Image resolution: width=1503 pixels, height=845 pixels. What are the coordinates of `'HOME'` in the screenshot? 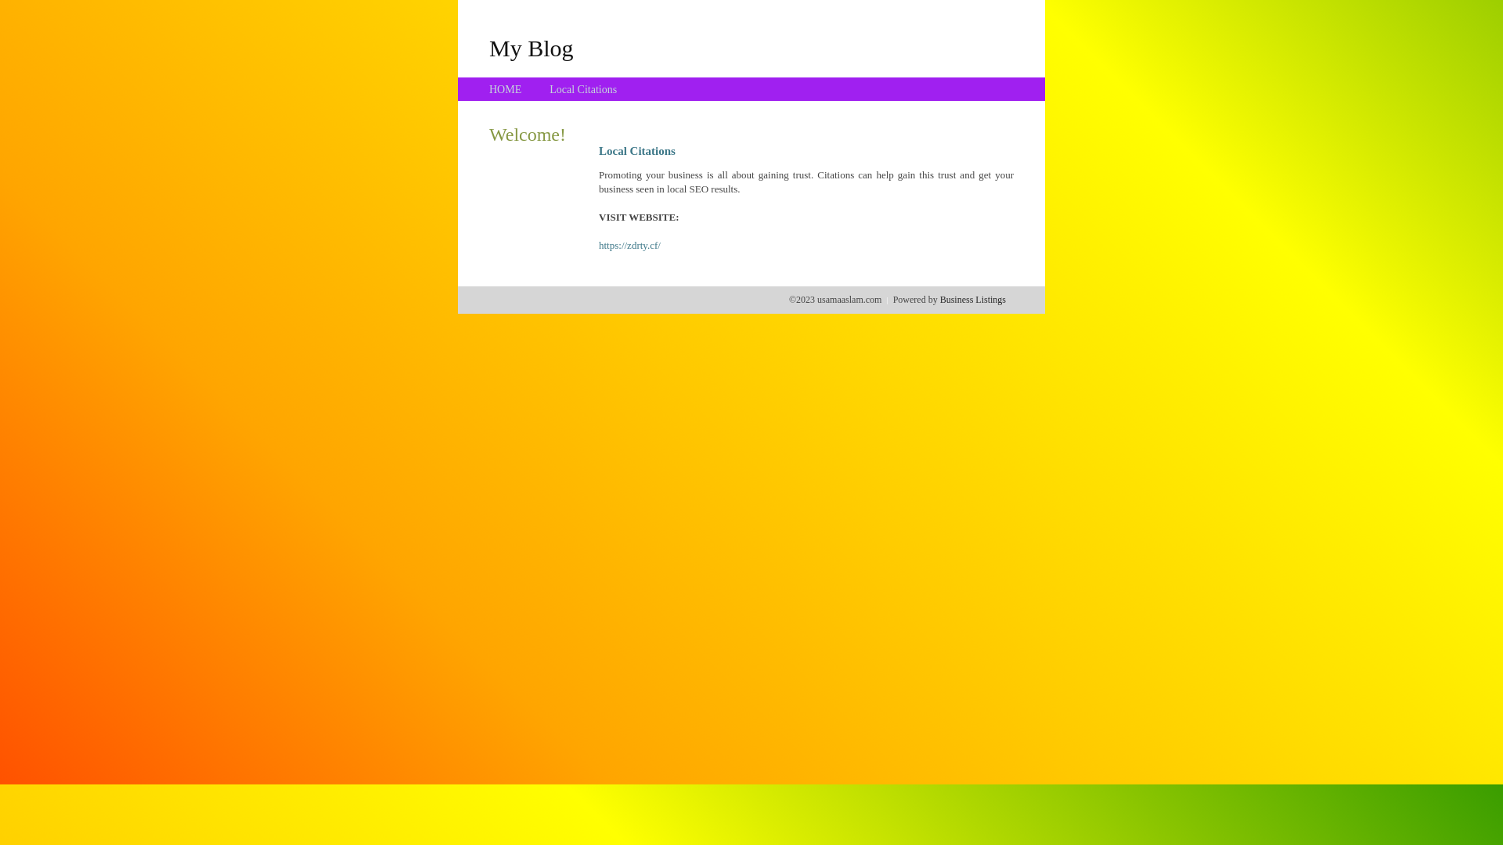 It's located at (505, 89).